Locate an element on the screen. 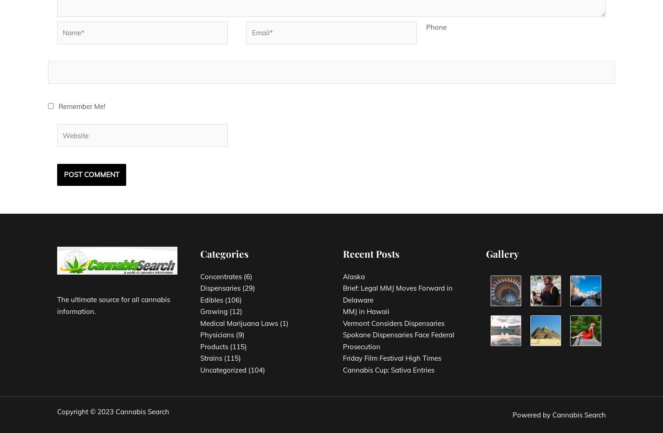 The image size is (663, 433). 'Products' is located at coordinates (199, 346).